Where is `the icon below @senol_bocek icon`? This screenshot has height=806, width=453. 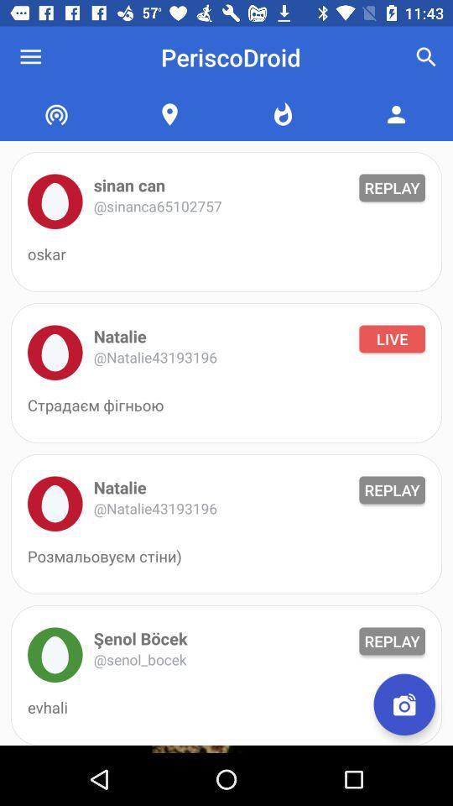
the icon below @senol_bocek icon is located at coordinates (404, 704).